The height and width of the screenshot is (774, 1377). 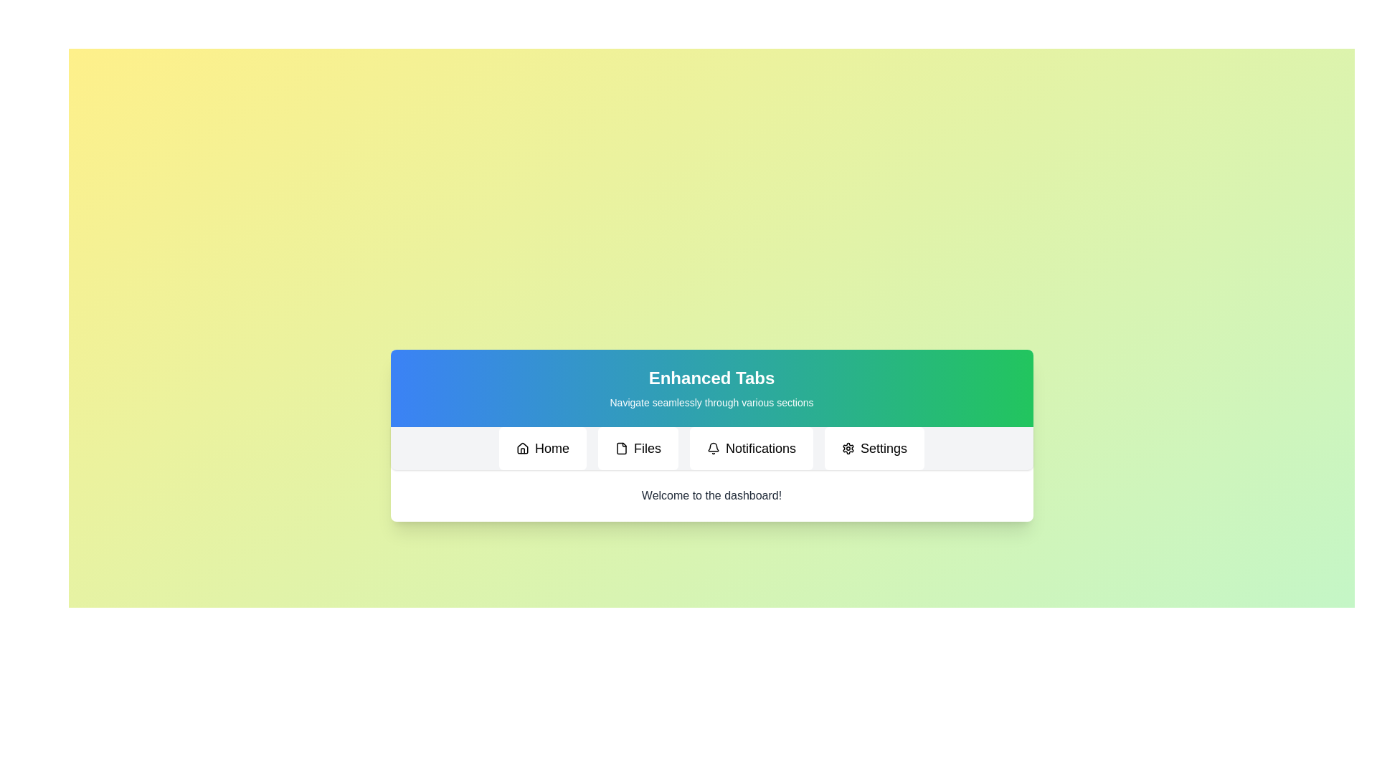 What do you see at coordinates (713, 446) in the screenshot?
I see `the bell icon in the navigation bar` at bounding box center [713, 446].